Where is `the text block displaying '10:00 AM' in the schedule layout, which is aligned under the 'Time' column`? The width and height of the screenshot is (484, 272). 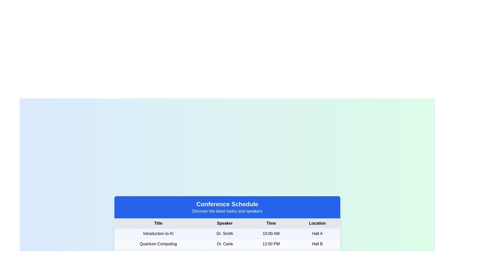 the text block displaying '10:00 AM' in the schedule layout, which is aligned under the 'Time' column is located at coordinates (271, 234).